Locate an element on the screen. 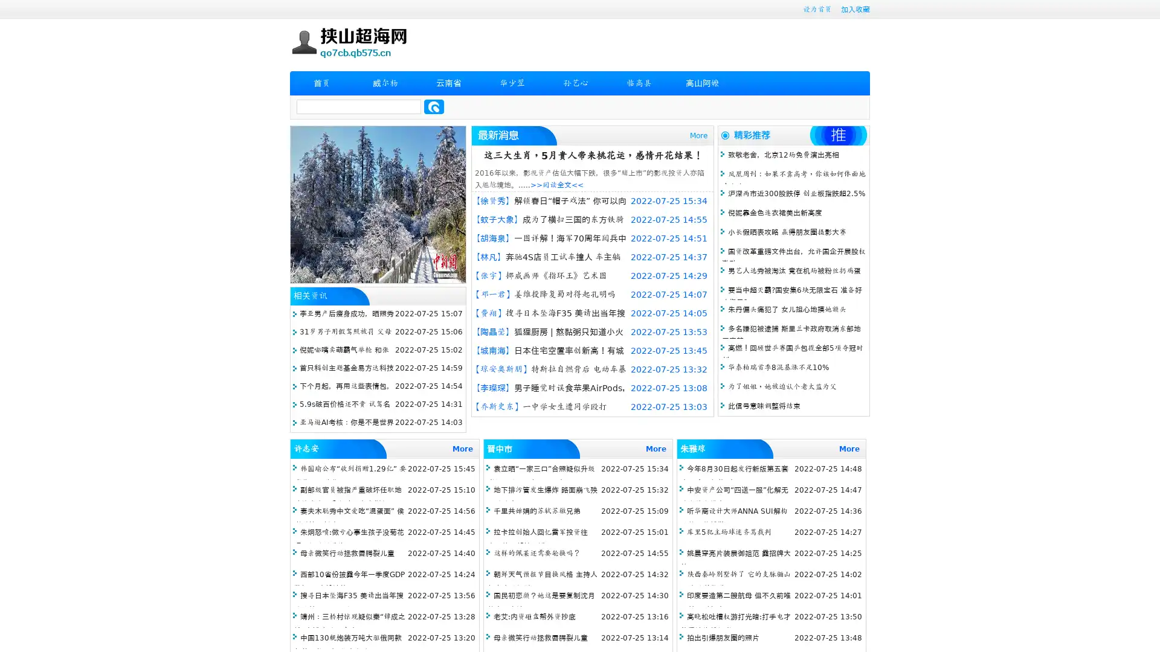  Search is located at coordinates (434, 106).